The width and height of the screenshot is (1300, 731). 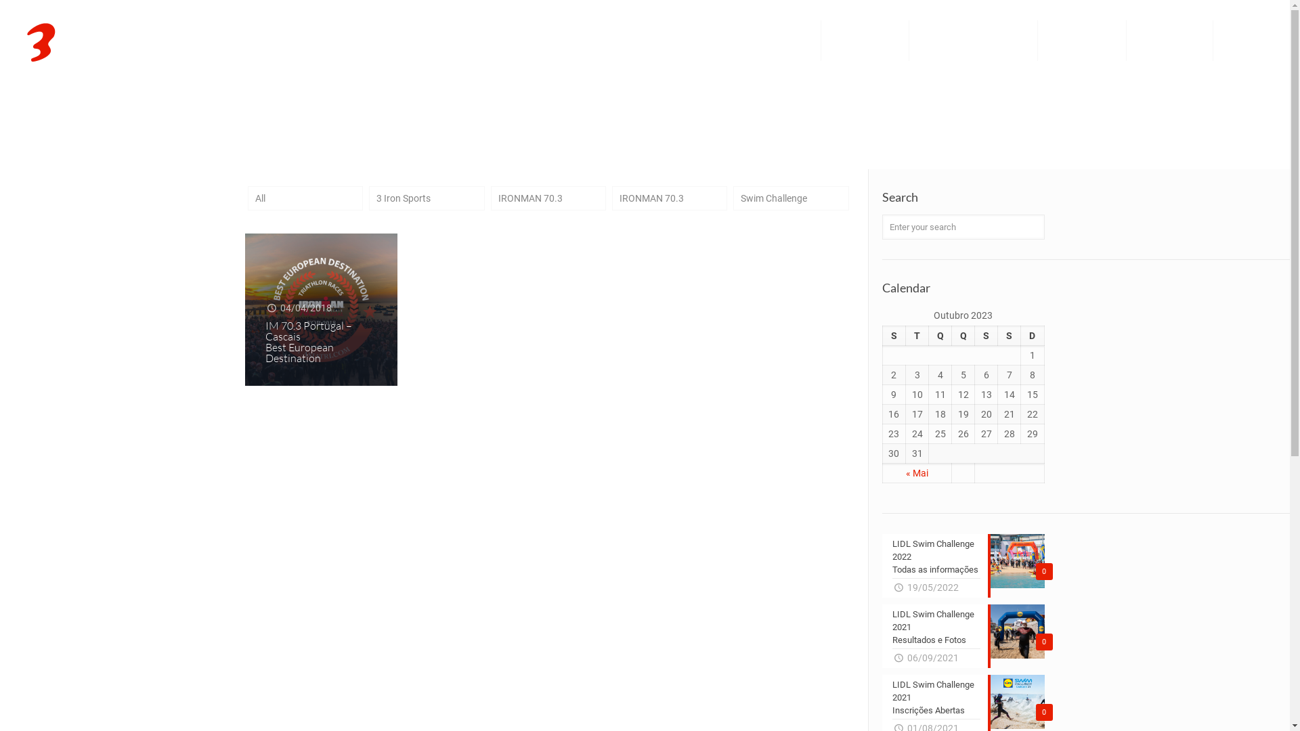 What do you see at coordinates (1169, 40) in the screenshot?
I see `'IRONMAN Cascais'` at bounding box center [1169, 40].